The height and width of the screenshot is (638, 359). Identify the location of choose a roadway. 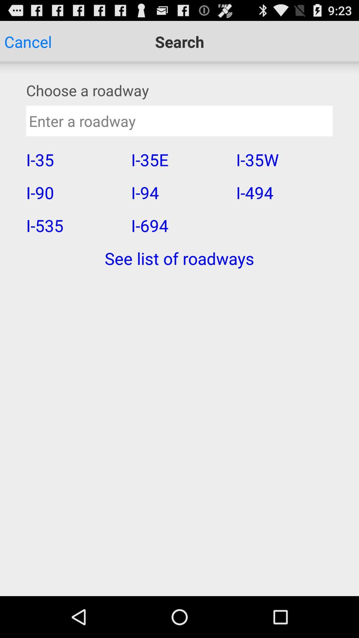
(179, 90).